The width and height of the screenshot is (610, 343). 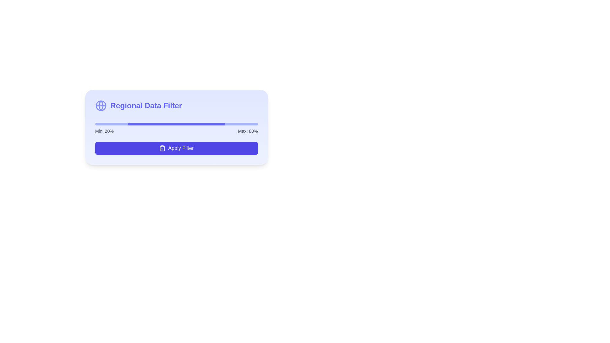 What do you see at coordinates (100, 105) in the screenshot?
I see `the circular element within the globe icon located to the left of 'Regional Data Filter' in the header section` at bounding box center [100, 105].